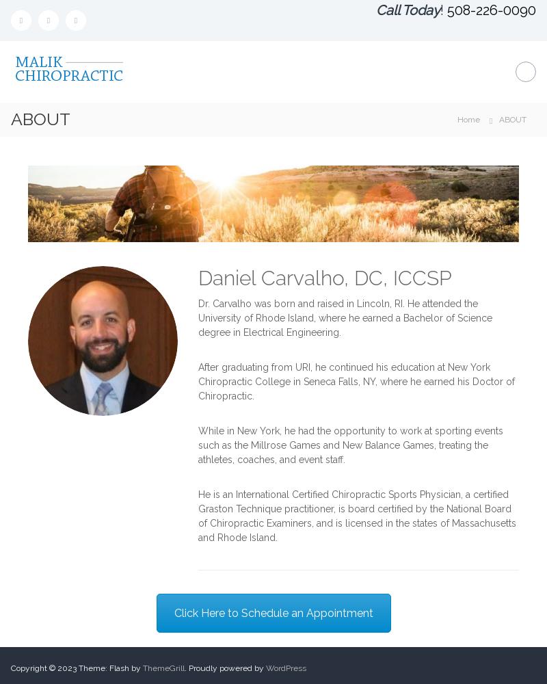 This screenshot has width=547, height=684. I want to click on 'Daniel Carvalho, DC, ICCSP', so click(325, 277).